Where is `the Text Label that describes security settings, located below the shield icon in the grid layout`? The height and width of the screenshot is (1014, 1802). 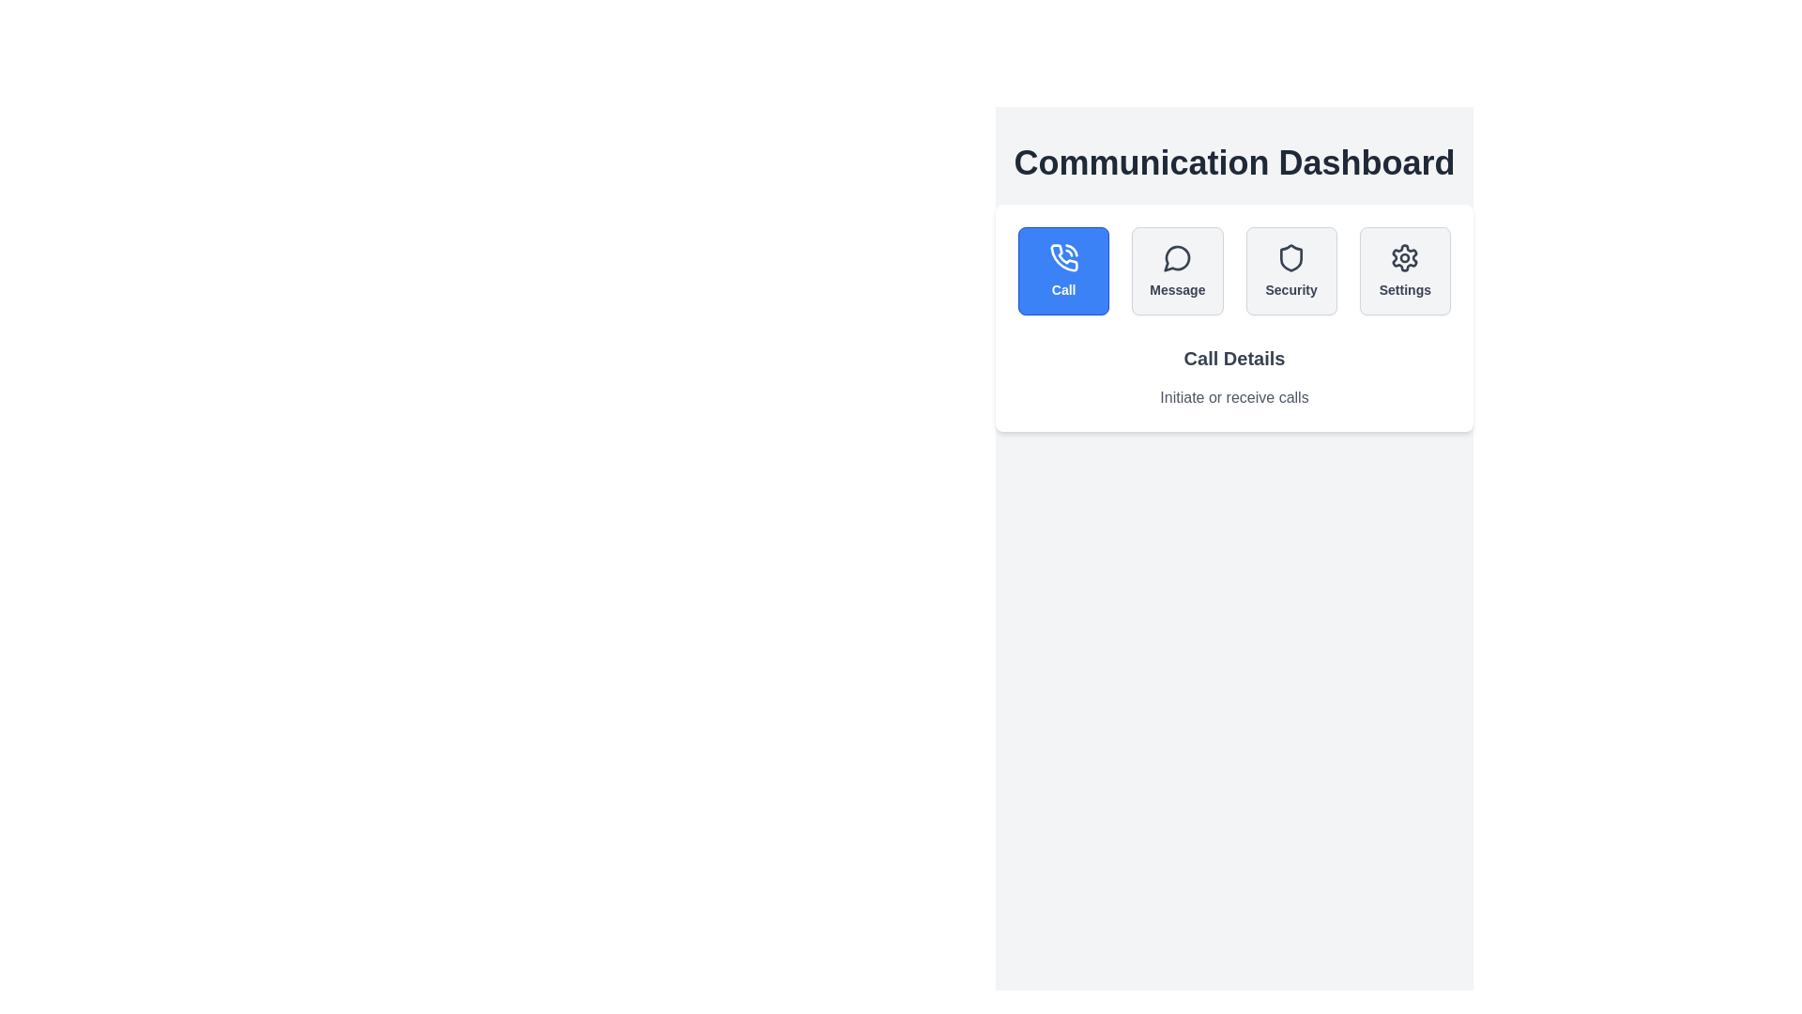 the Text Label that describes security settings, located below the shield icon in the grid layout is located at coordinates (1290, 289).